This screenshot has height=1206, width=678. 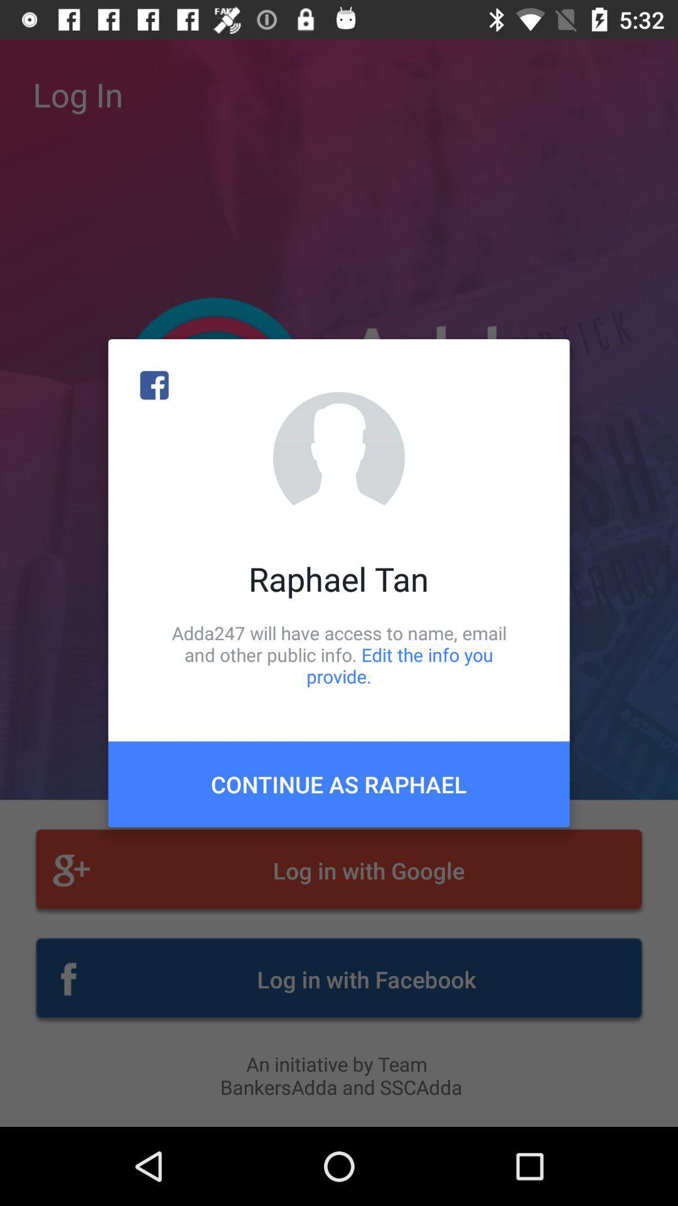 What do you see at coordinates (339, 783) in the screenshot?
I see `continue as raphael` at bounding box center [339, 783].